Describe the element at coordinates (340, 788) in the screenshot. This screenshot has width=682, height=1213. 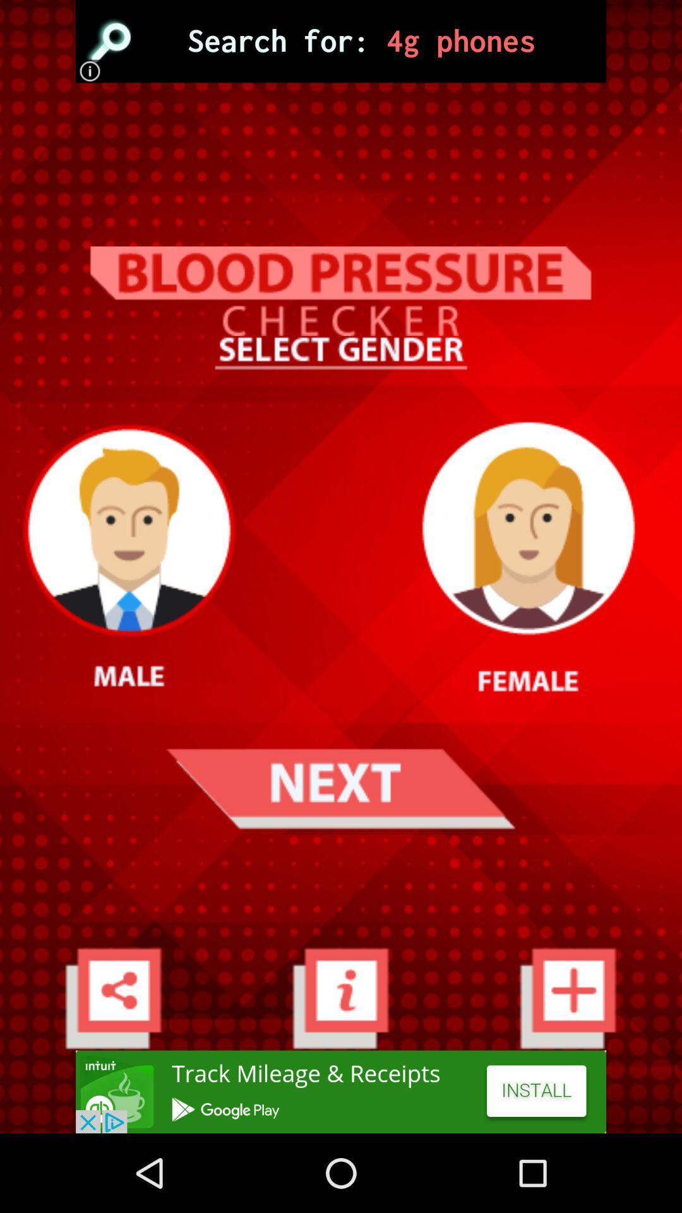
I see `next` at that location.